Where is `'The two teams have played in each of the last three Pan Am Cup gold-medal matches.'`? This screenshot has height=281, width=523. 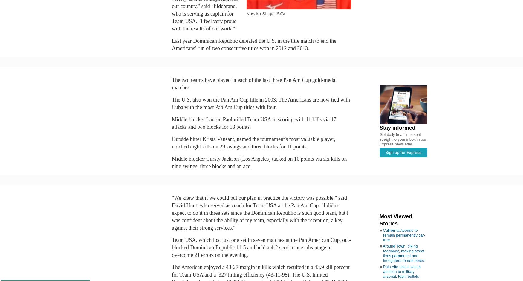
'The two teams have played in each of the last three Pan Am Cup gold-medal matches.' is located at coordinates (172, 84).